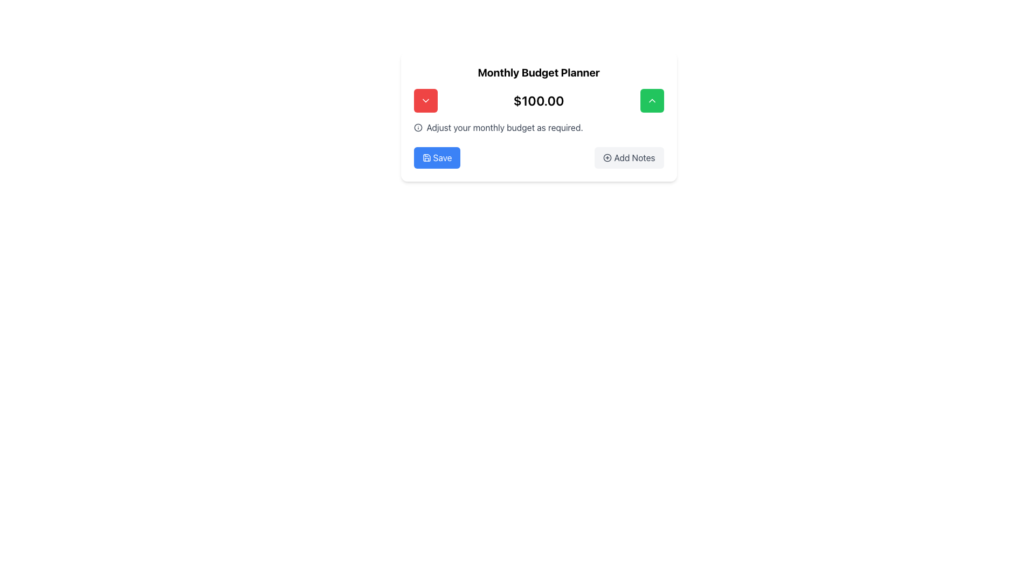 The width and height of the screenshot is (1035, 582). I want to click on the save icon, which is a blue floppy disk representation located at the bottom-left corner of the budget planning module, so click(426, 158).